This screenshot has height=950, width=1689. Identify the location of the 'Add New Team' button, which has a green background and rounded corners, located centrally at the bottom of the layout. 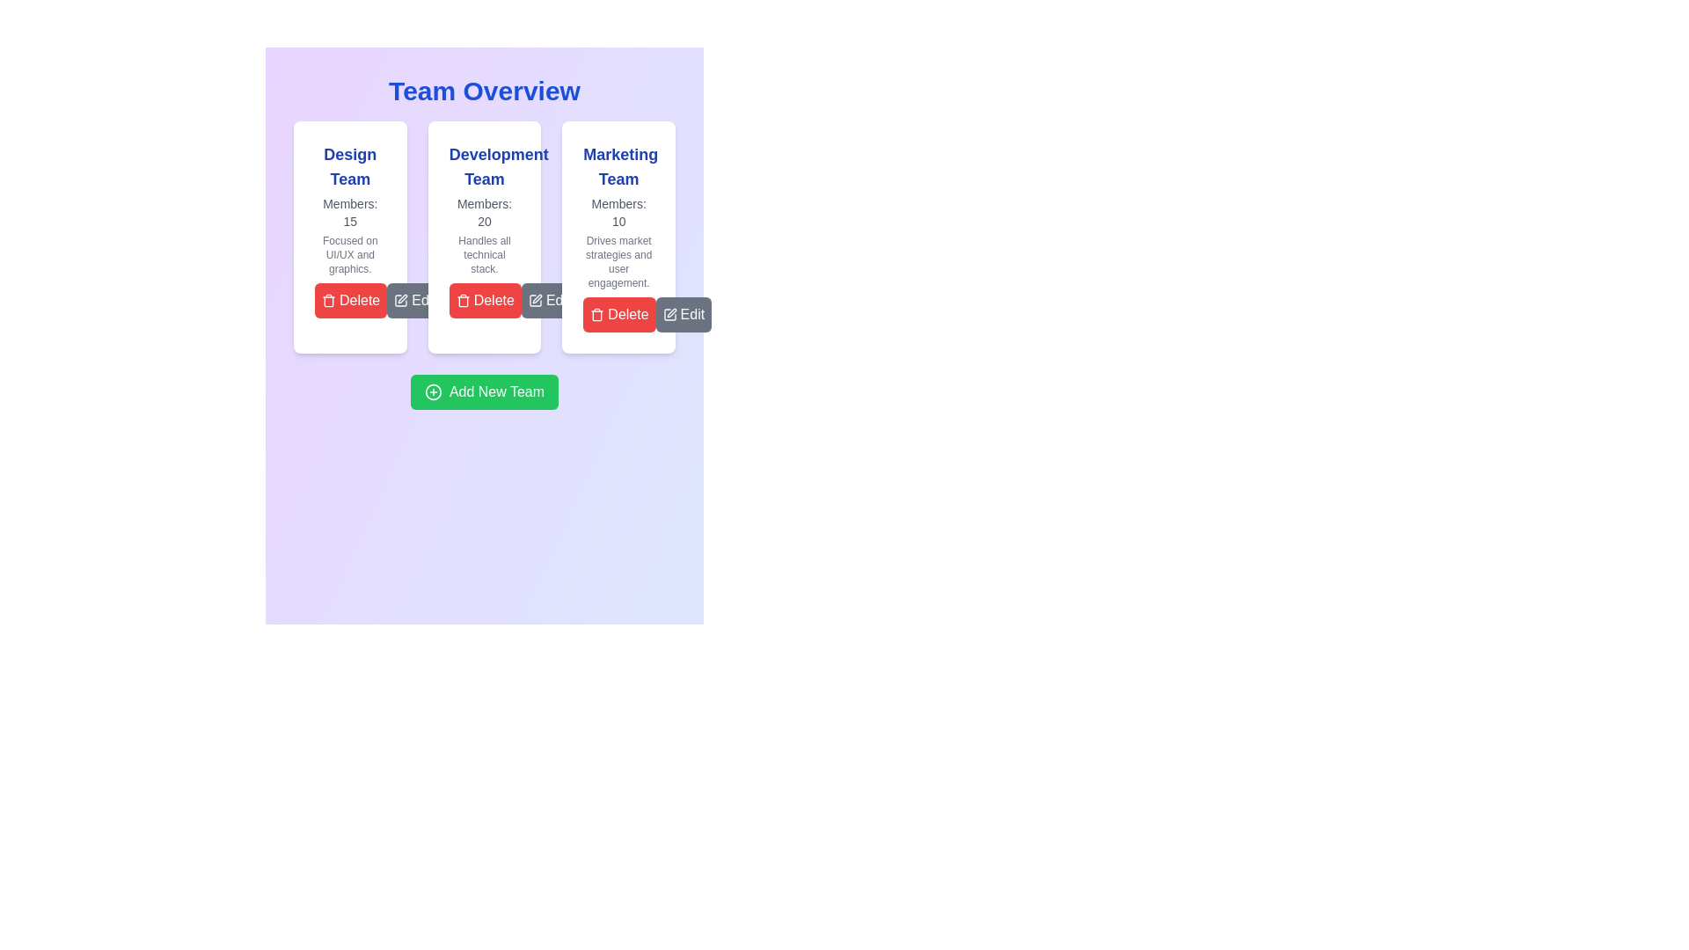
(485, 391).